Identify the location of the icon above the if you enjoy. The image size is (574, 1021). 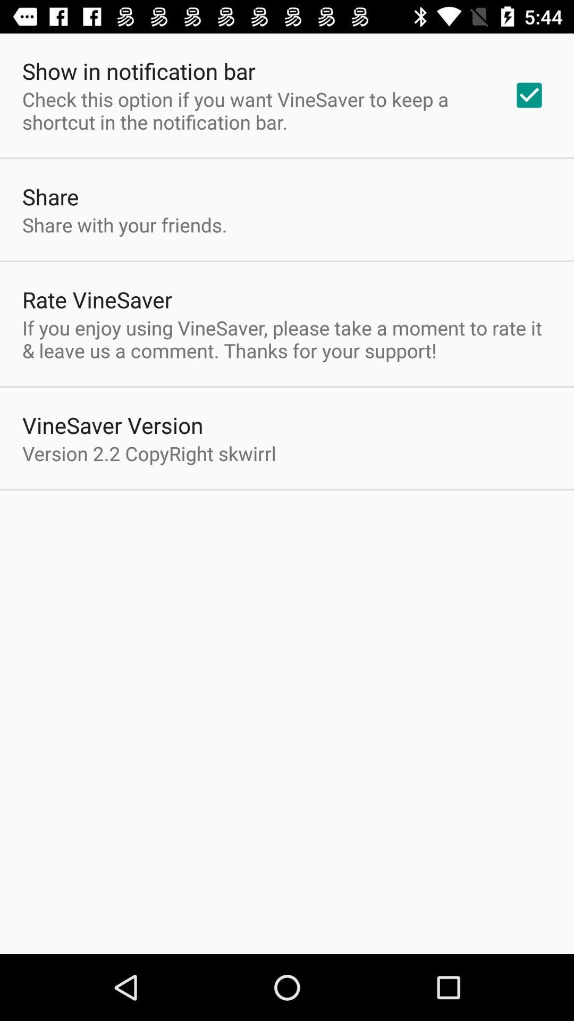
(529, 95).